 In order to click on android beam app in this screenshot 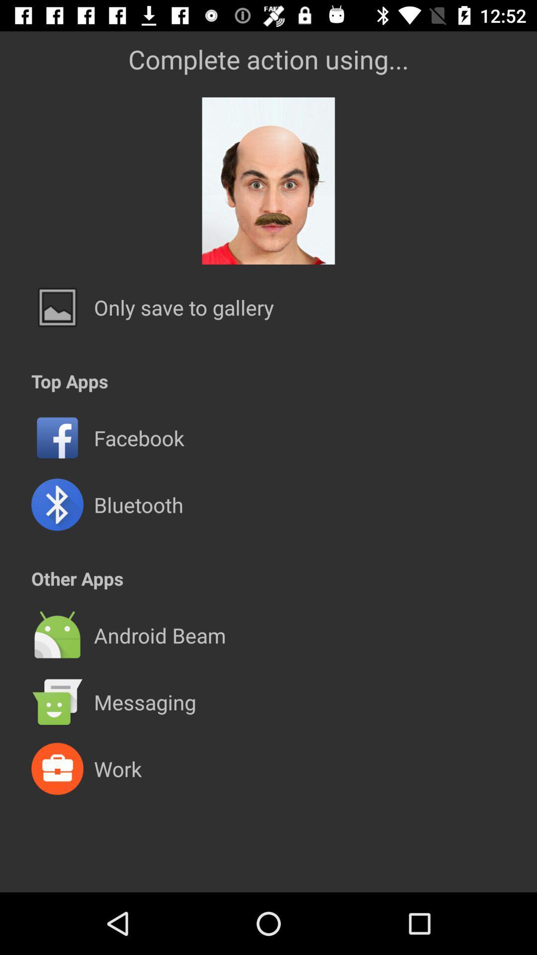, I will do `click(159, 635)`.